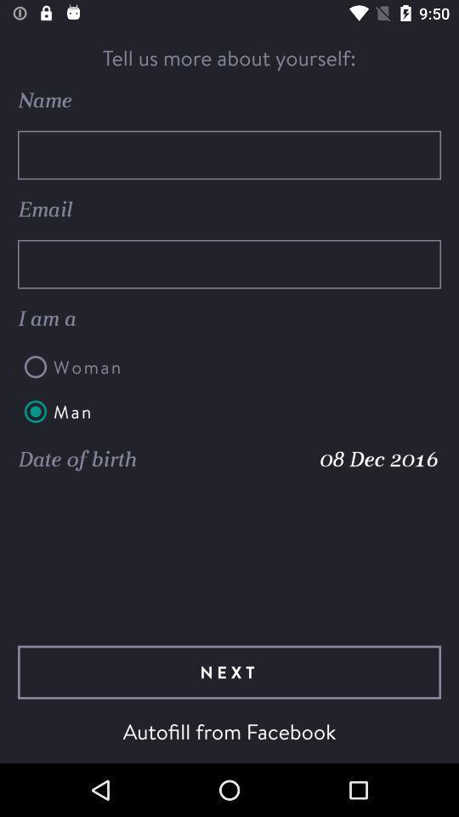  Describe the element at coordinates (229, 264) in the screenshot. I see `item above the i am a` at that location.